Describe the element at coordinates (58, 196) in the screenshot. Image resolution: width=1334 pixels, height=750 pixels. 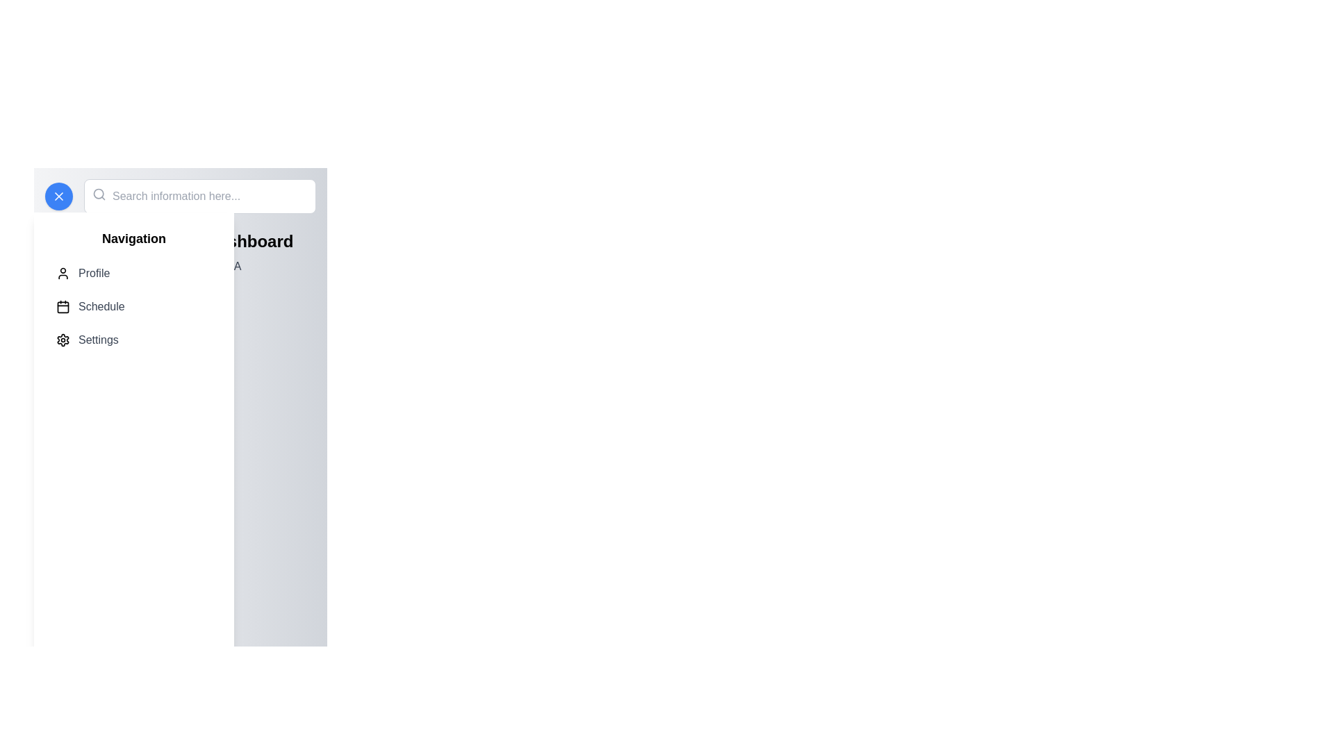
I see `the close icon located near the top-left corner of the application interface` at that location.